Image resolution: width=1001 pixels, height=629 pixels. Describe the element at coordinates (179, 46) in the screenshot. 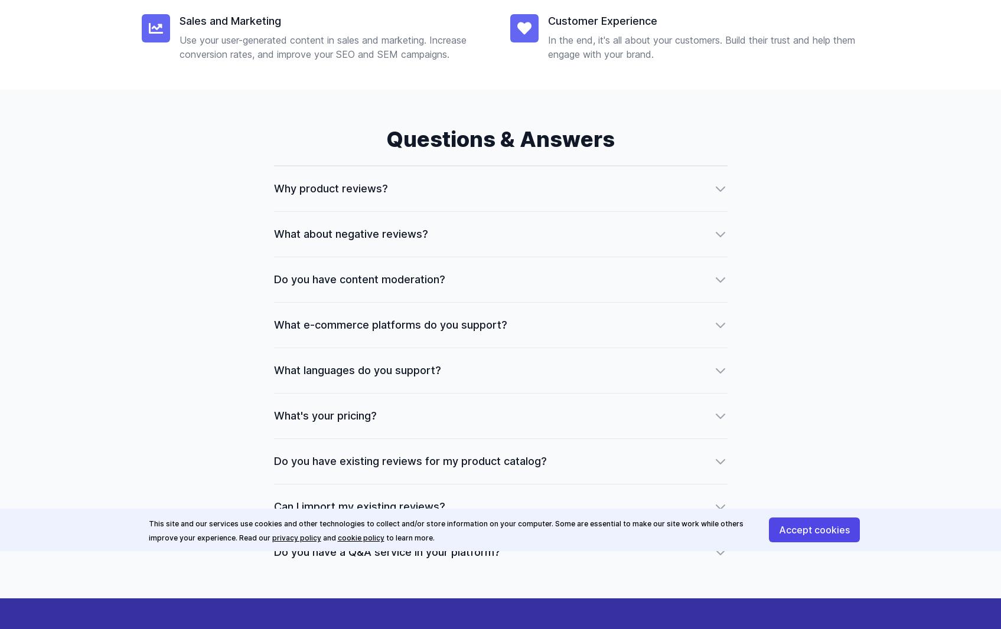

I see `'Use your user-generated content in sales and marketing. Increase conversion rates, and improve your SEO and SEM campaigns.'` at that location.